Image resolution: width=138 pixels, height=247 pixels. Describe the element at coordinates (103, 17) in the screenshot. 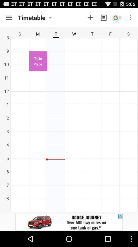

I see `message option` at that location.